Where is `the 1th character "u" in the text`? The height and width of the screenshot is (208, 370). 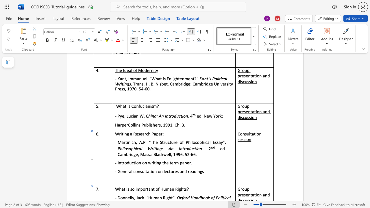
the 1th character "u" in the text is located at coordinates (164, 189).